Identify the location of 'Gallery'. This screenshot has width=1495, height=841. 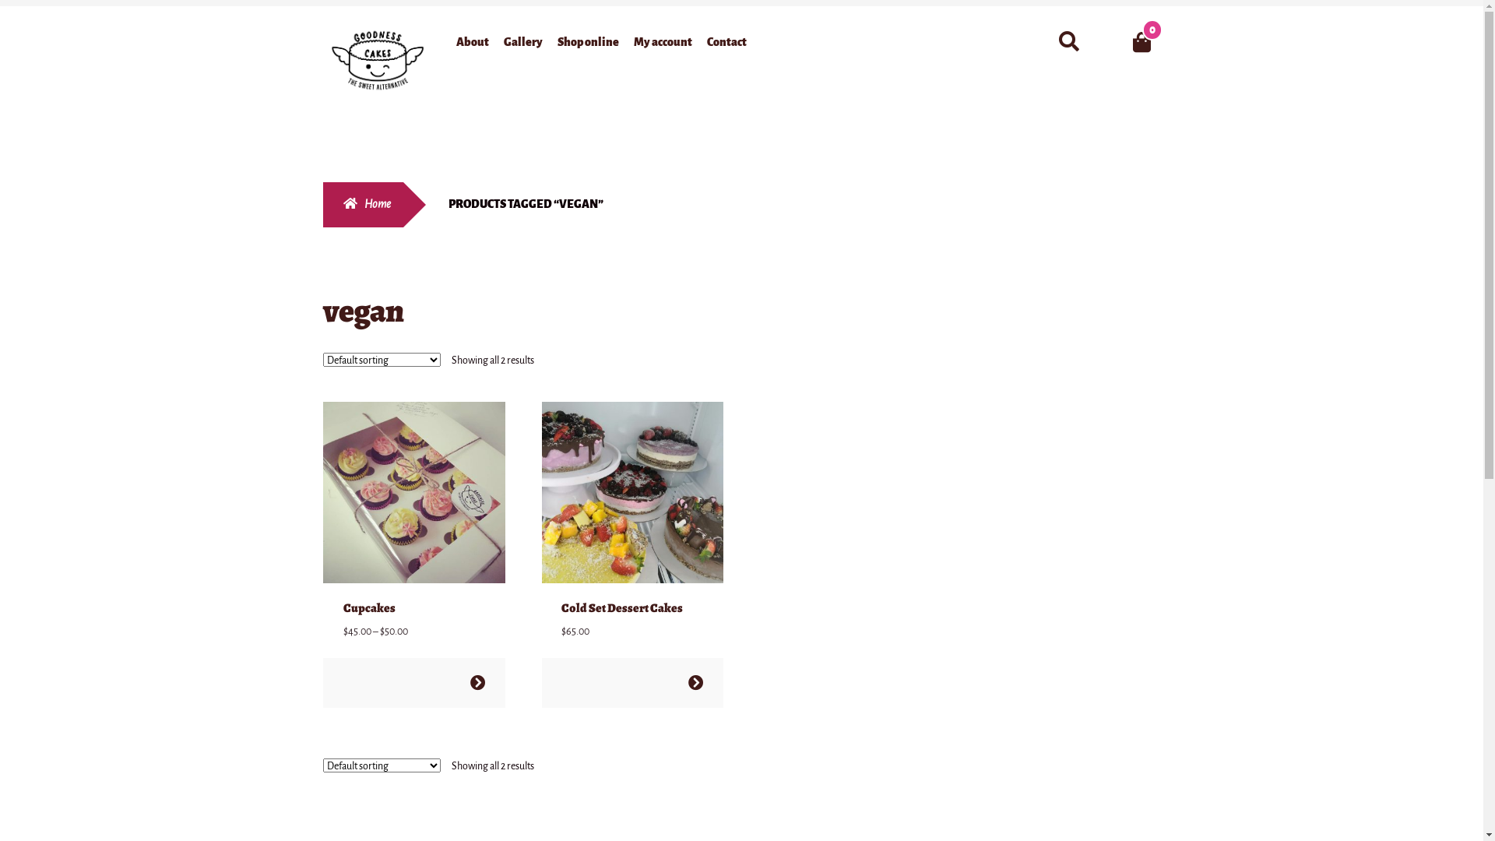
(523, 44).